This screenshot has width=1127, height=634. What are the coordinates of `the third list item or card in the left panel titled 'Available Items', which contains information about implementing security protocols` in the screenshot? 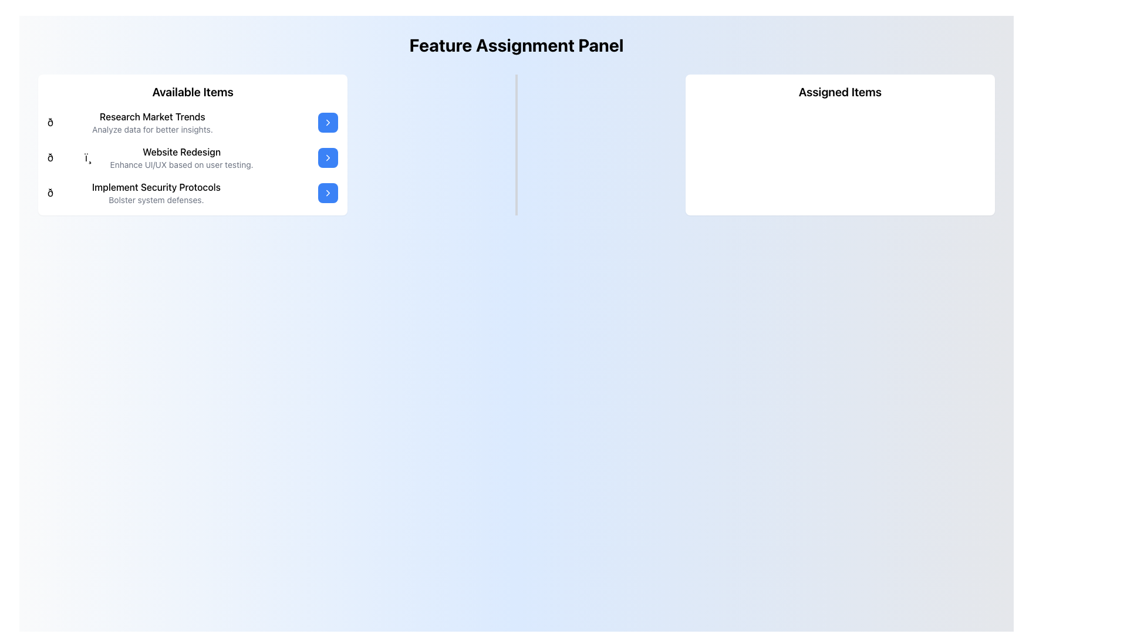 It's located at (134, 192).